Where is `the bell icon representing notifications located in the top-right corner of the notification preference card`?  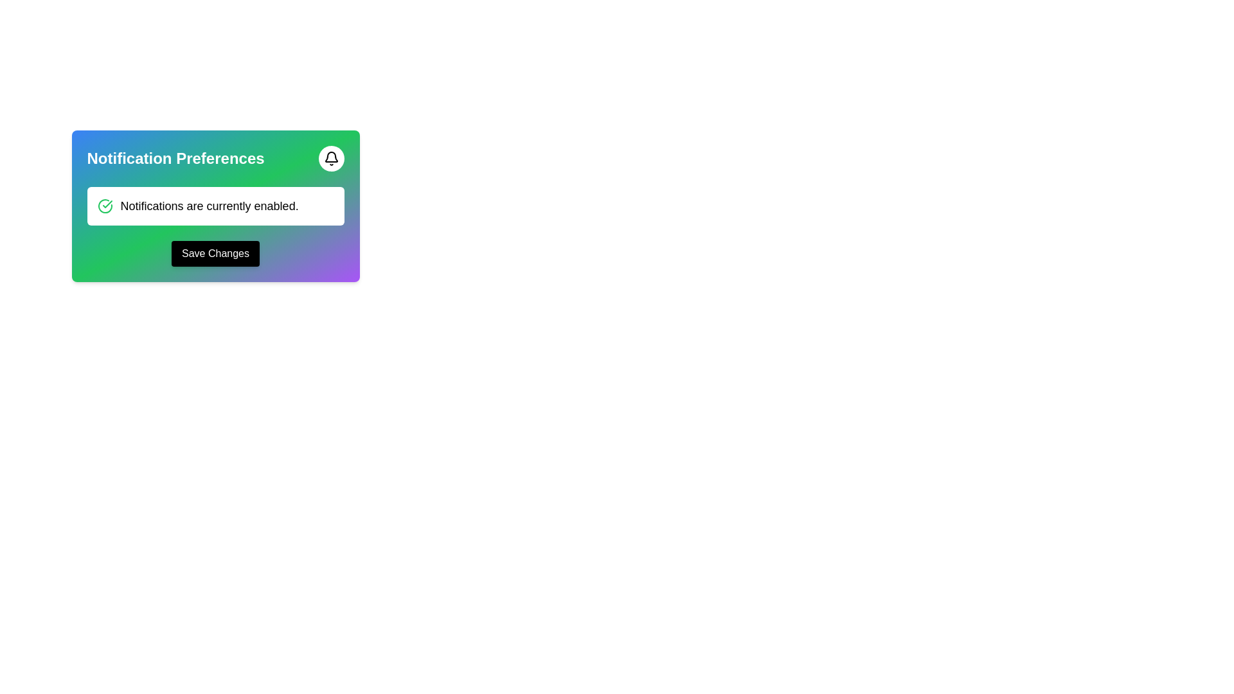 the bell icon representing notifications located in the top-right corner of the notification preference card is located at coordinates (331, 157).